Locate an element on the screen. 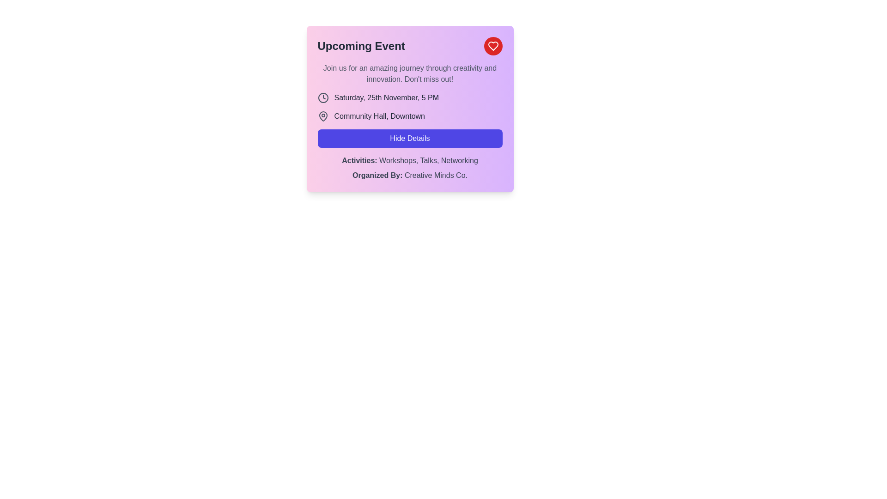 This screenshot has width=887, height=499. the heart-shaped icon outlined in white, located within a circular button with a red background, to favorite the event is located at coordinates (492, 46).